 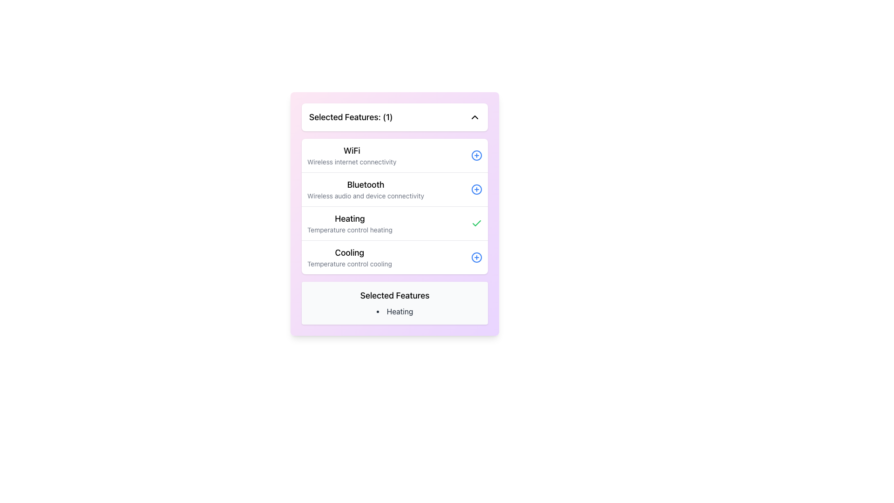 I want to click on the upward-pointing chevron icon located at the far-right end of the 'Selected Features: (1)' section, so click(x=474, y=116).